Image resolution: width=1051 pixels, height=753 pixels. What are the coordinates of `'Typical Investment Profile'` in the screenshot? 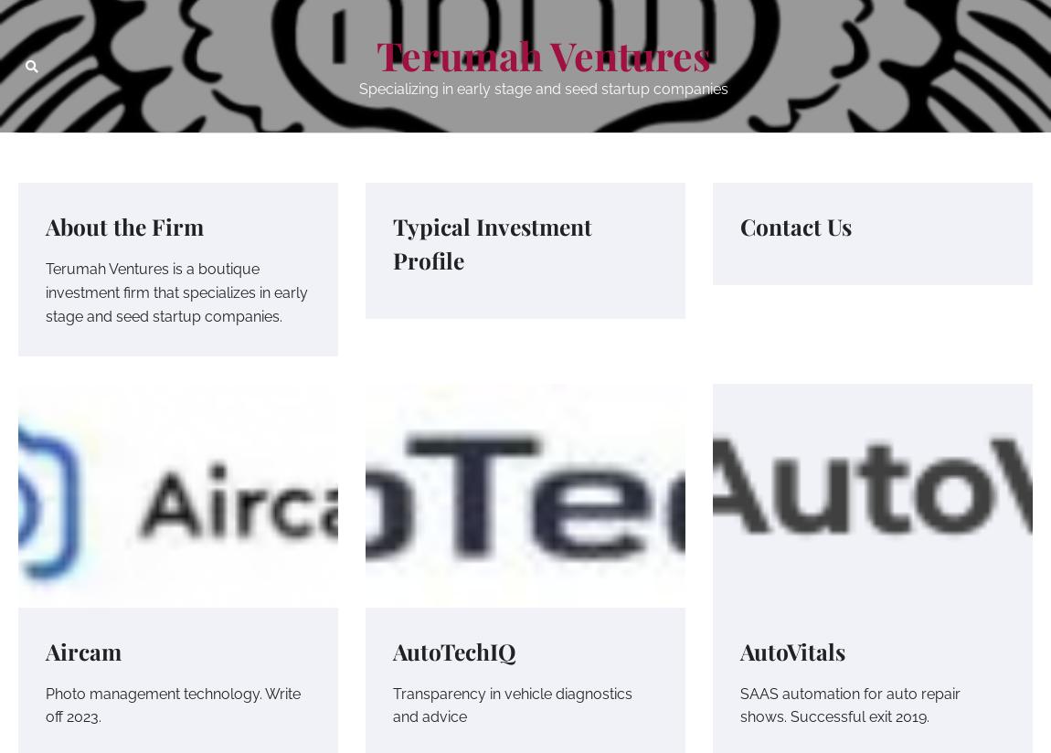 It's located at (493, 242).